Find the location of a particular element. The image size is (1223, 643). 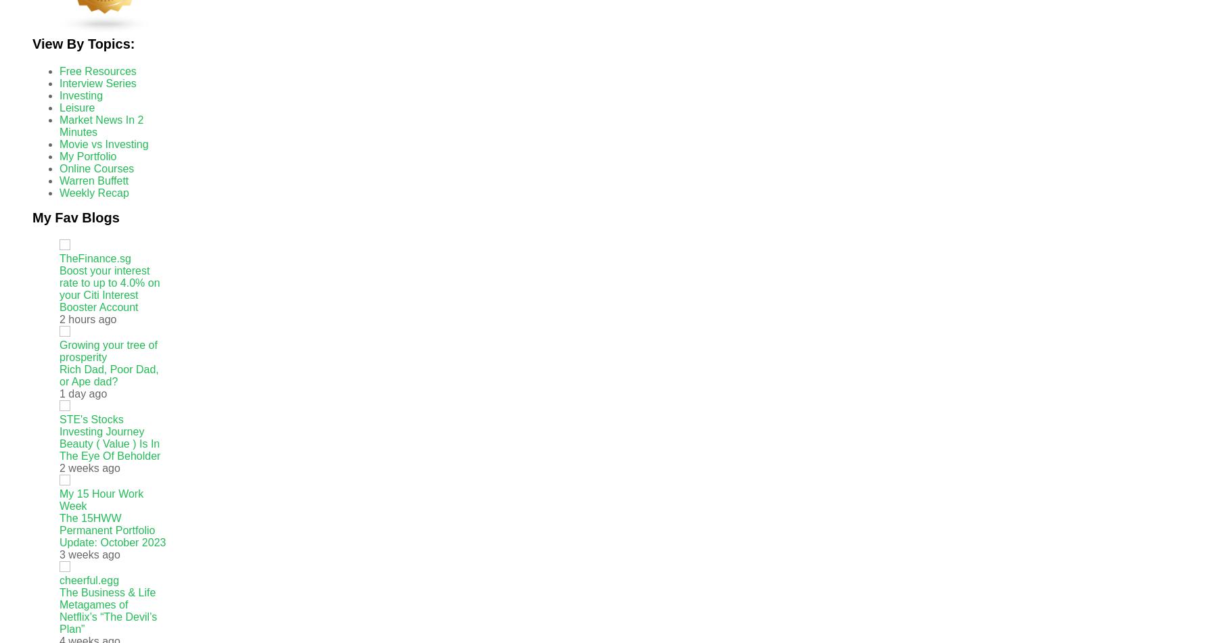

'My Fav Blogs' is located at coordinates (74, 218).